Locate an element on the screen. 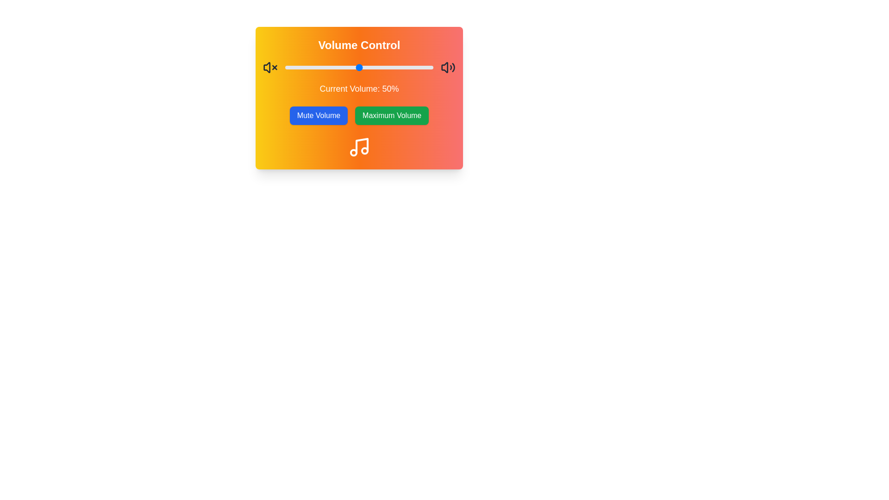  the 'Maximum Volume' button to set the volume to its maximum level is located at coordinates (391, 115).